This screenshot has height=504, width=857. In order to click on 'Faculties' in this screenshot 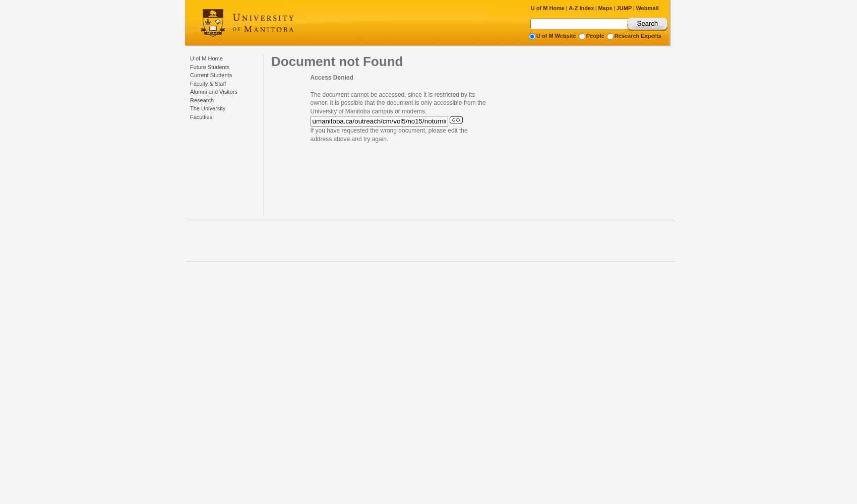, I will do `click(200, 116)`.